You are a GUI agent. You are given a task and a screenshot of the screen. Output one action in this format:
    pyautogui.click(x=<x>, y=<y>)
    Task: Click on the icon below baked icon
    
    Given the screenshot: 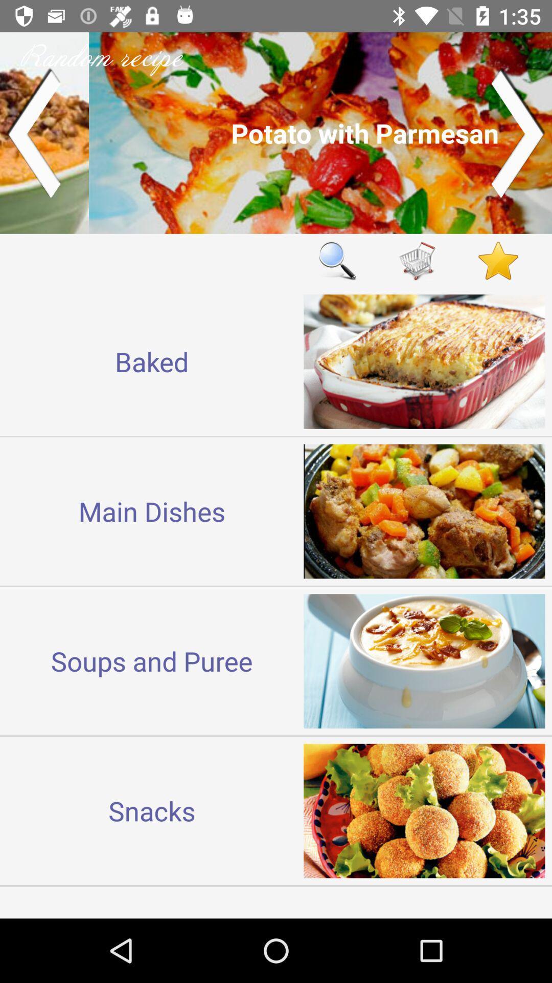 What is the action you would take?
    pyautogui.click(x=152, y=511)
    